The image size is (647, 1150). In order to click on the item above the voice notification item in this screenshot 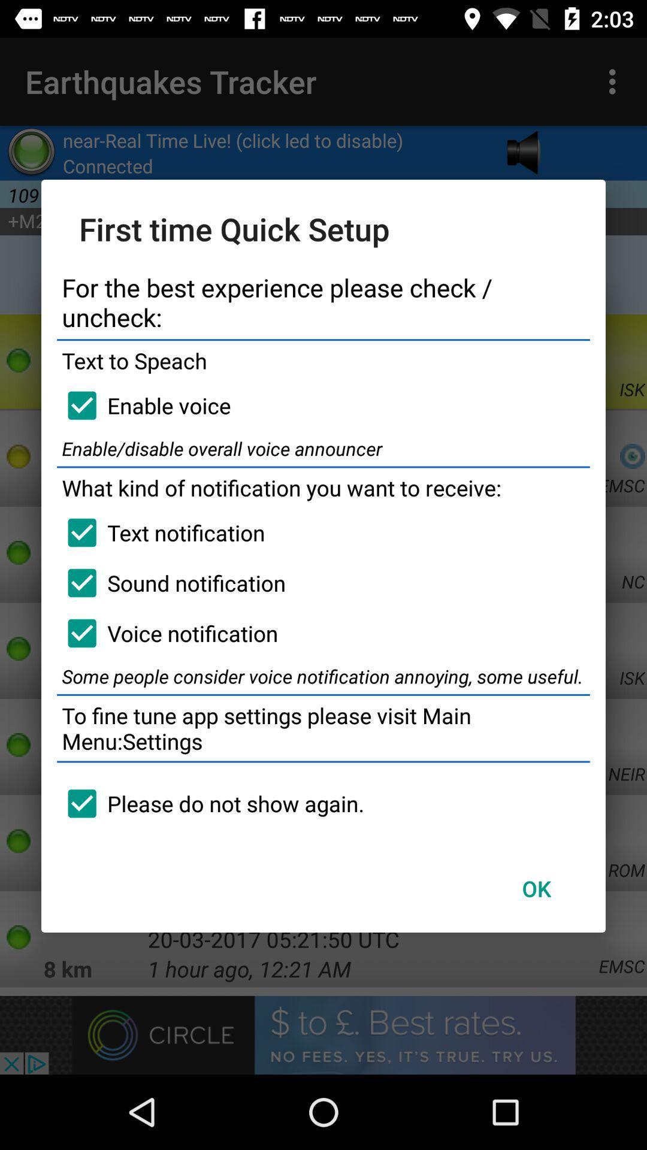, I will do `click(171, 583)`.